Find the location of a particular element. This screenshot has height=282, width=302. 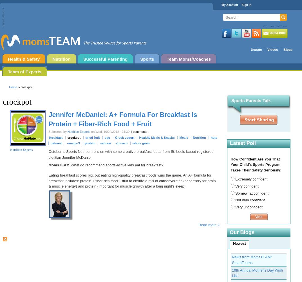

'spinach' is located at coordinates (121, 143).